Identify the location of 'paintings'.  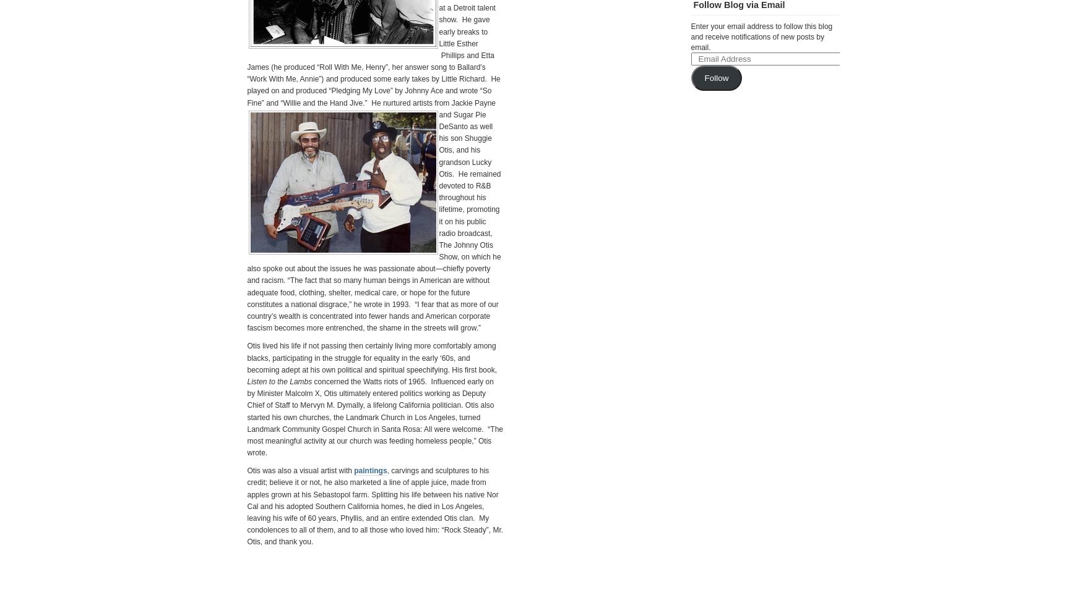
(370, 470).